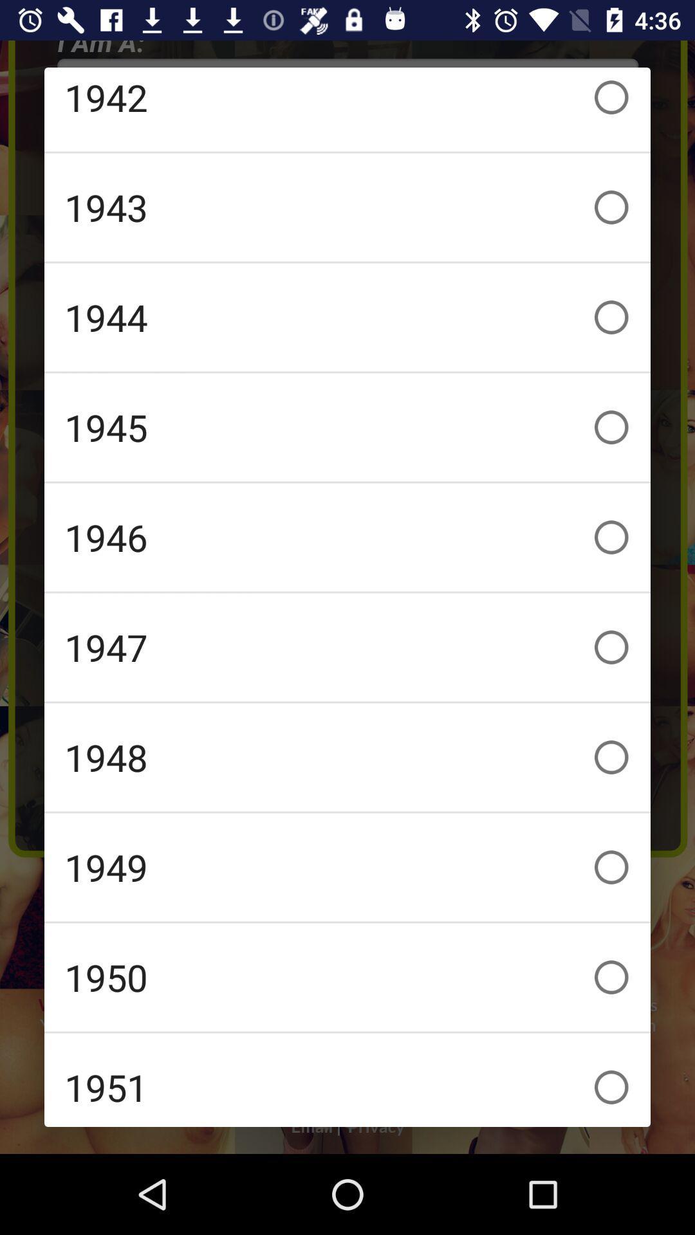 This screenshot has height=1235, width=695. What do you see at coordinates (347, 207) in the screenshot?
I see `1943` at bounding box center [347, 207].